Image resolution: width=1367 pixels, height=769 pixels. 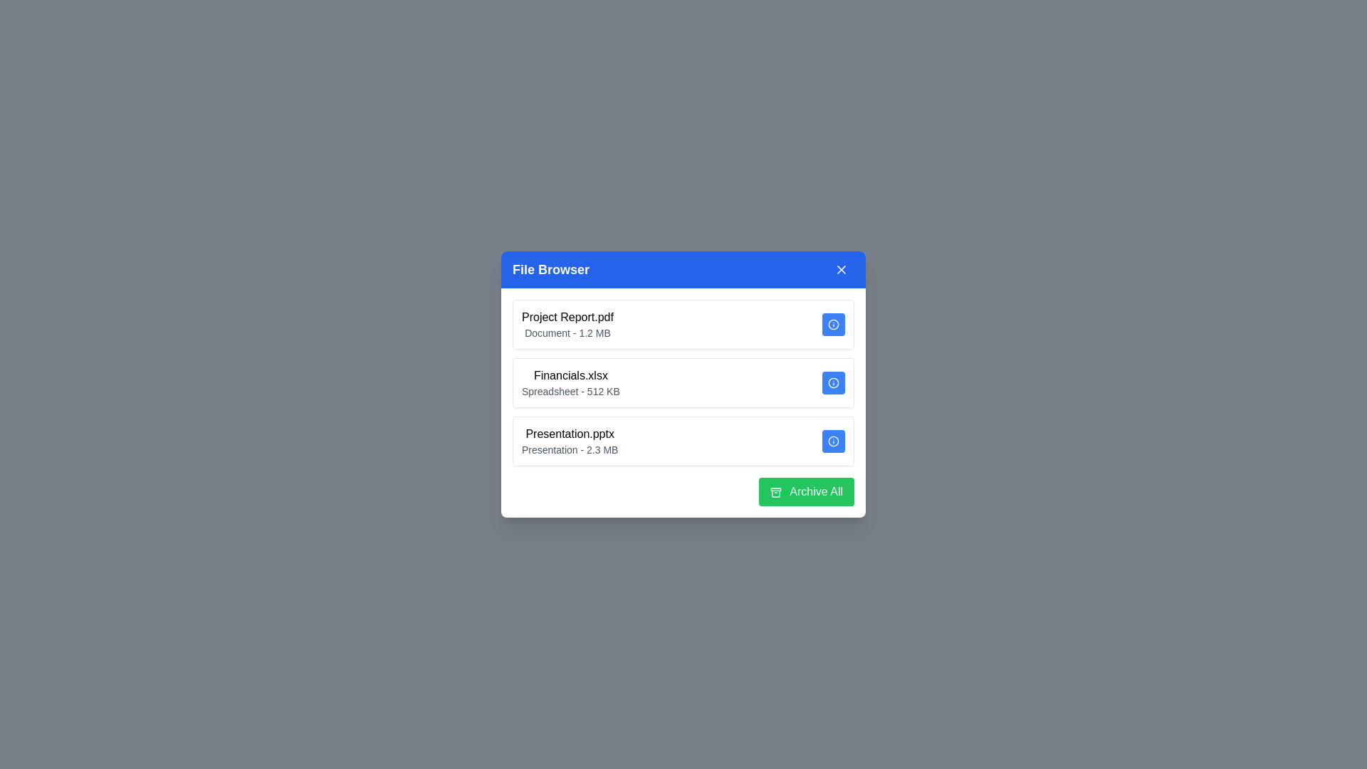 What do you see at coordinates (683, 324) in the screenshot?
I see `the file item Project Report.pdf to highlight it` at bounding box center [683, 324].